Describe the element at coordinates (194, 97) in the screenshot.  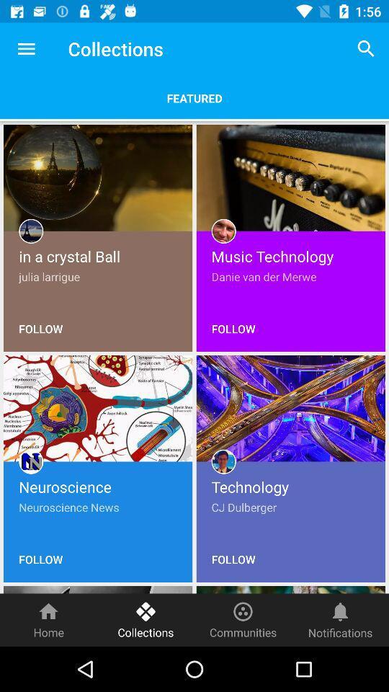
I see `the icon at the top` at that location.